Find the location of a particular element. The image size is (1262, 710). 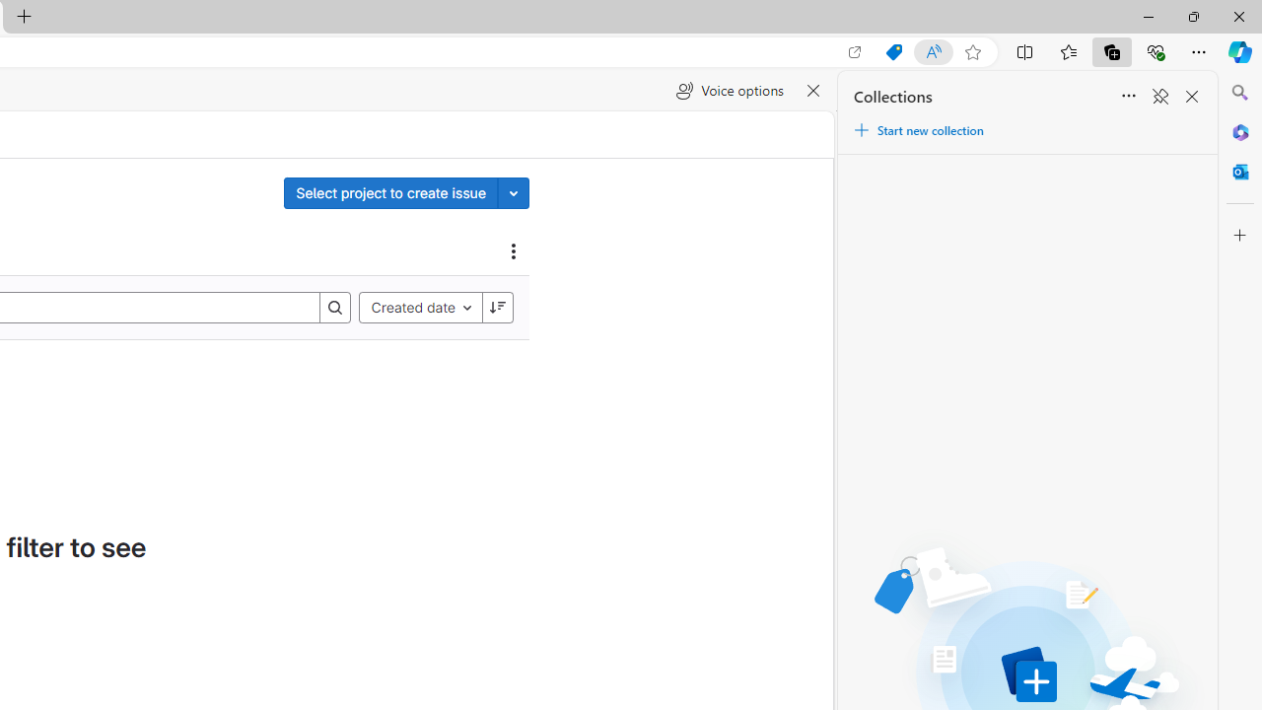

'Created date' is located at coordinates (419, 307).